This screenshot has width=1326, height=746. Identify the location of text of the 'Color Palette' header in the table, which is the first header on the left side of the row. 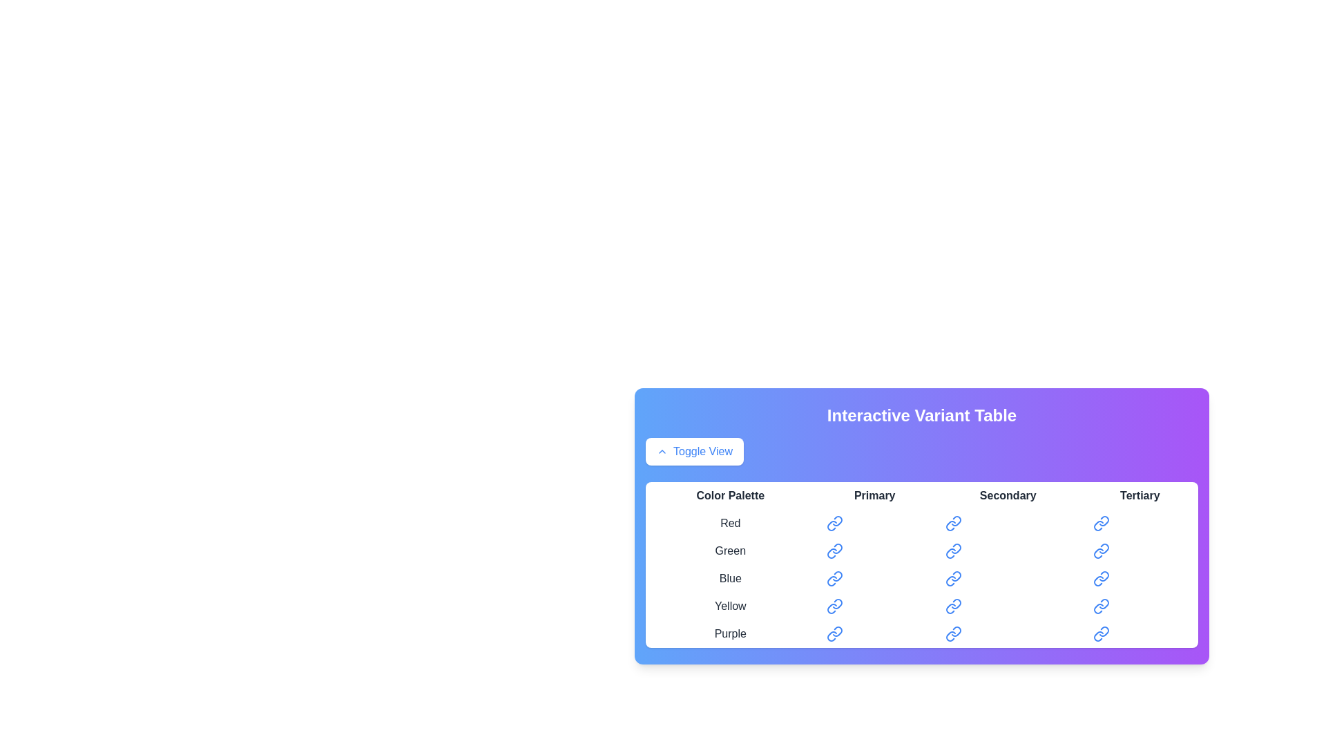
(729, 495).